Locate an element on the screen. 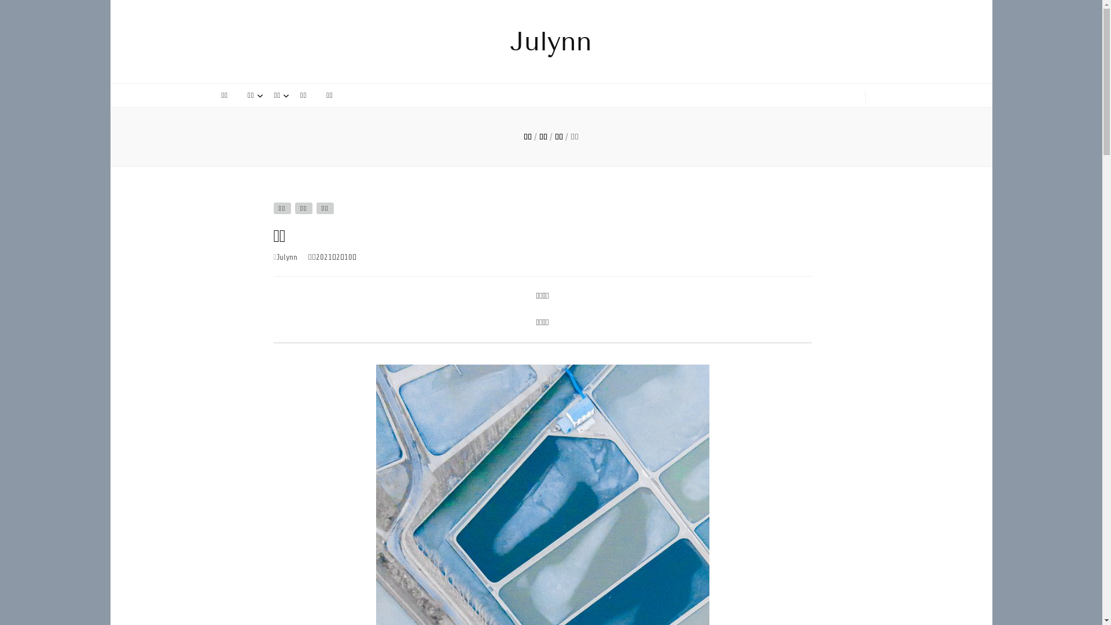 The width and height of the screenshot is (1111, 625). 'Julynn' is located at coordinates (276, 256).